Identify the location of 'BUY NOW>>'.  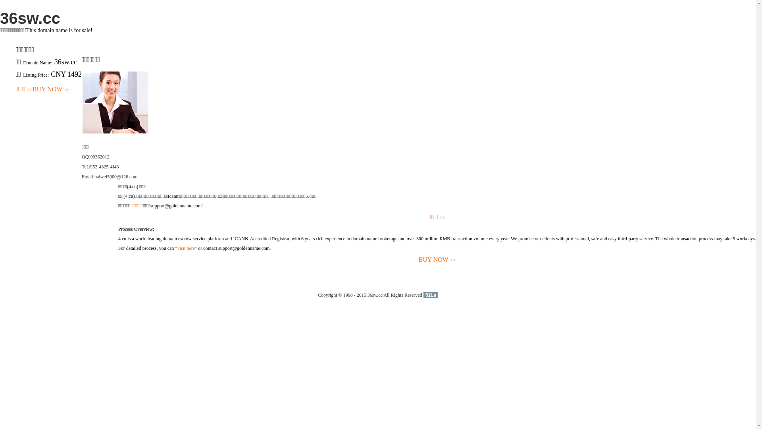
(437, 260).